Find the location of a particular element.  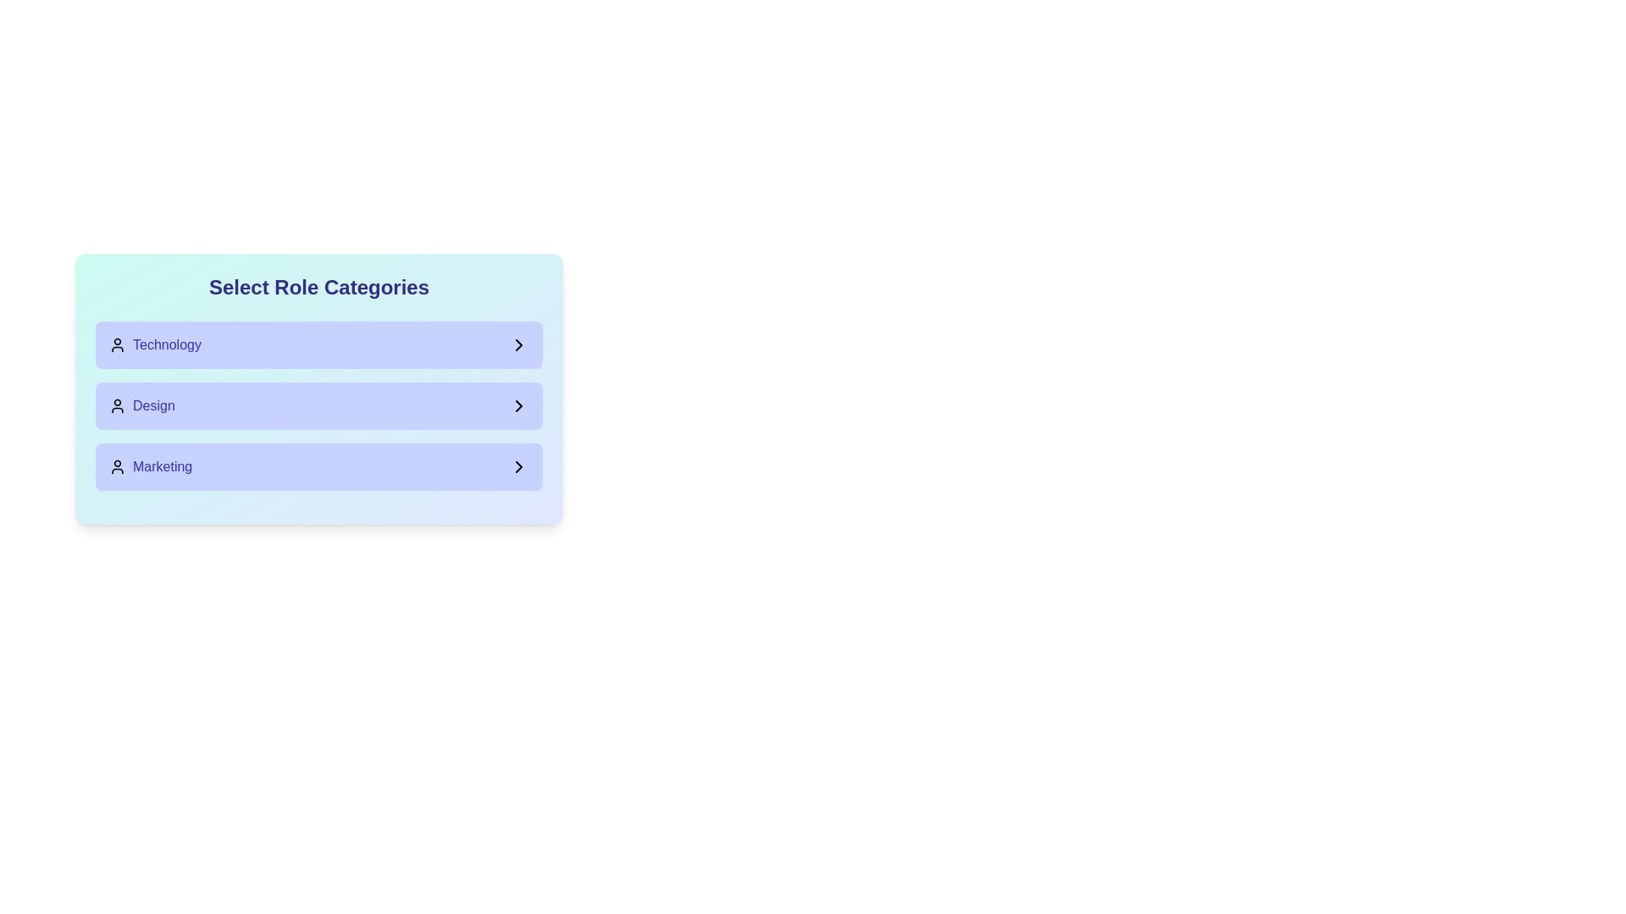

the user profile silhouette icon located to the left of the 'Marketing' label in the 'Select Role Categories' section is located at coordinates (117, 466).